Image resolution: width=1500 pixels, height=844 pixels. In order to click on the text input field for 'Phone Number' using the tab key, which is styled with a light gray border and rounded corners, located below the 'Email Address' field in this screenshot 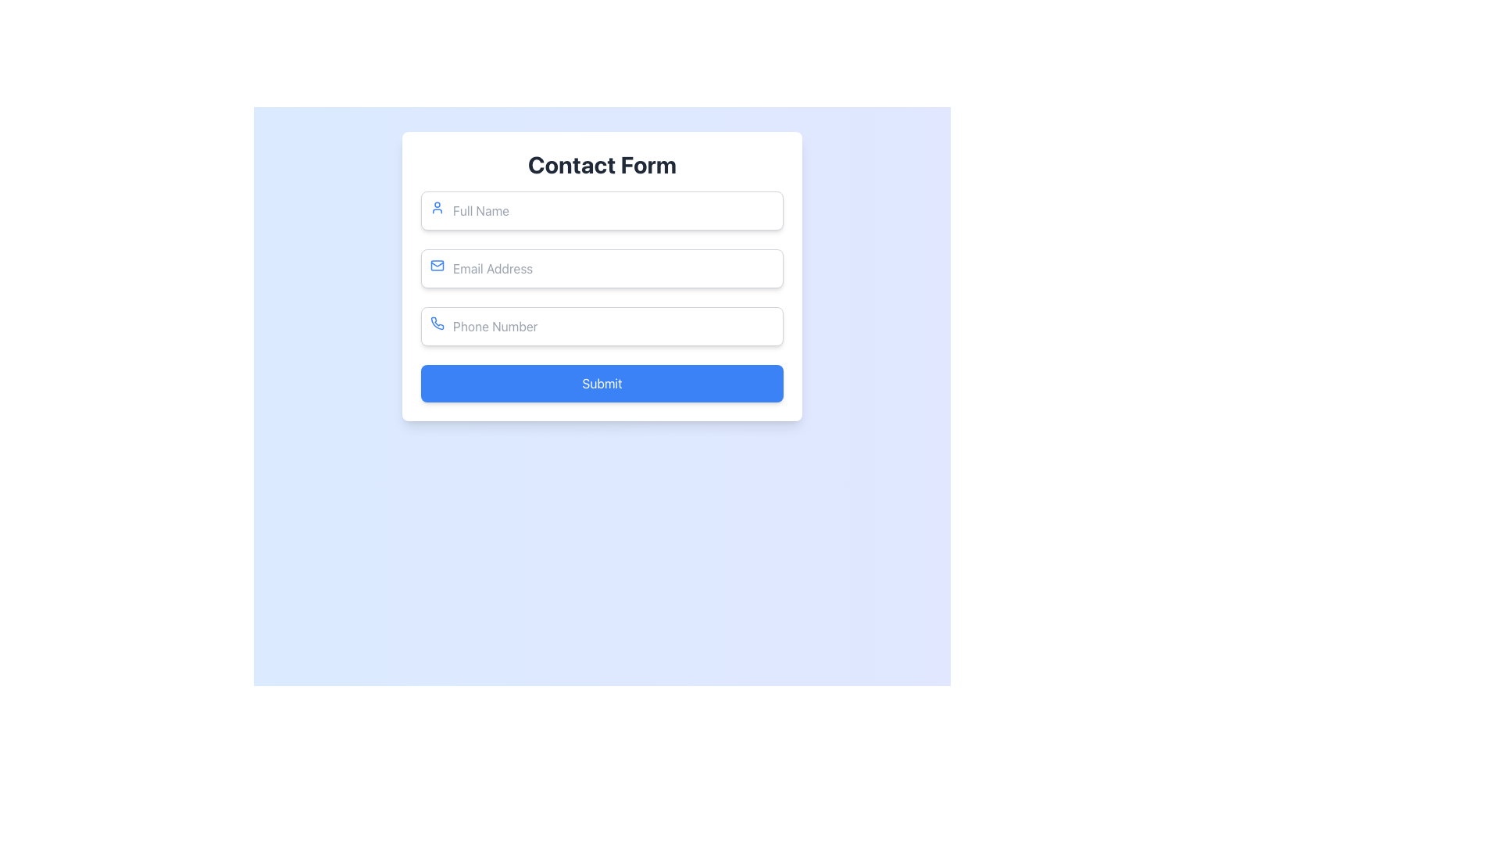, I will do `click(602, 325)`.